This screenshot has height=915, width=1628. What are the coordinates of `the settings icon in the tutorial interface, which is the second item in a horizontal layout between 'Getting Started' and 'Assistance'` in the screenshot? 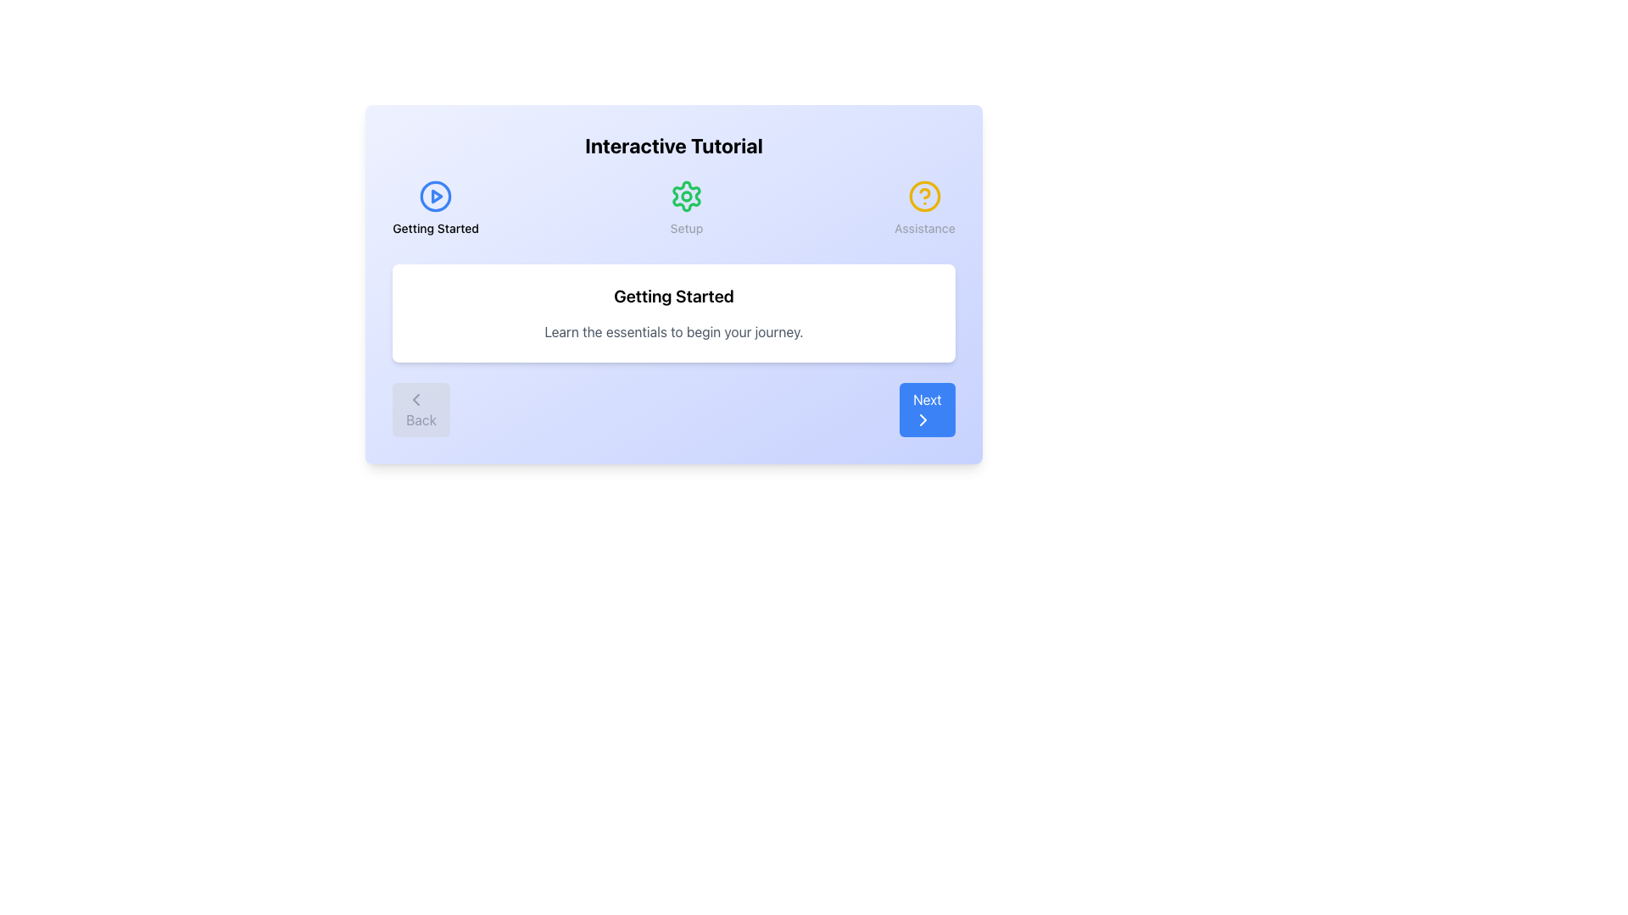 It's located at (687, 208).